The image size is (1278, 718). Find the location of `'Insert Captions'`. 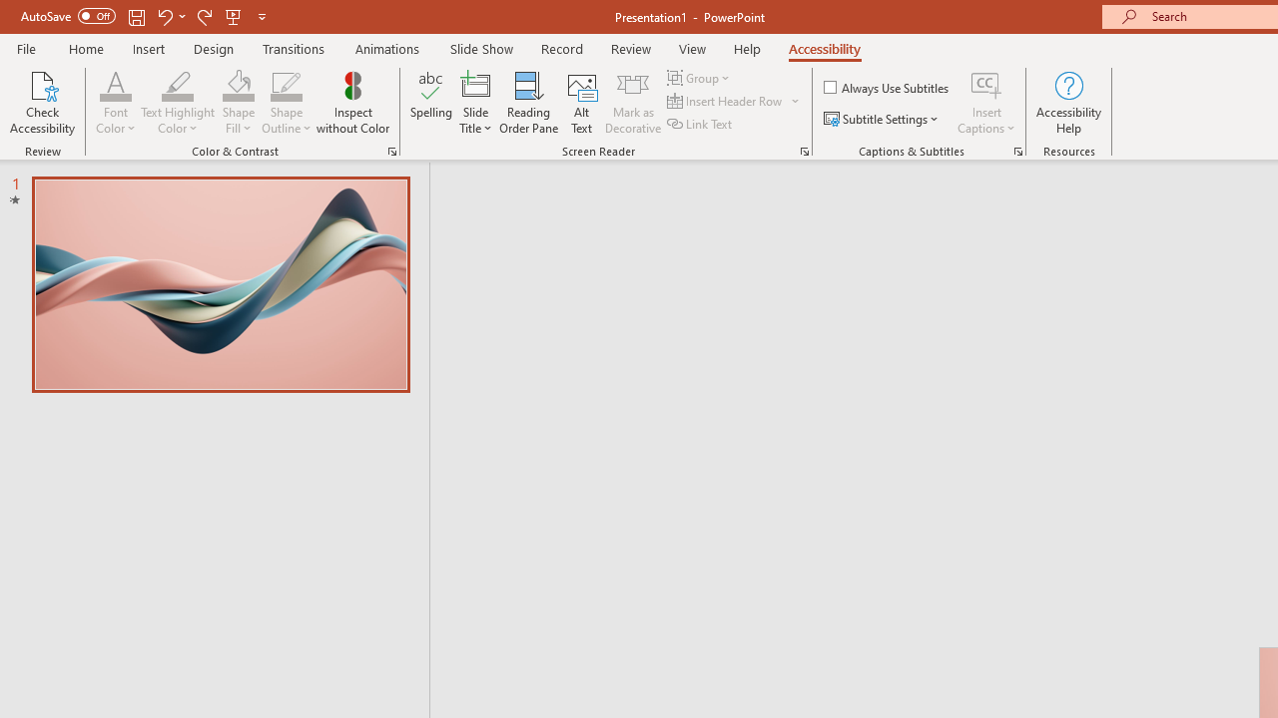

'Insert Captions' is located at coordinates (986, 84).